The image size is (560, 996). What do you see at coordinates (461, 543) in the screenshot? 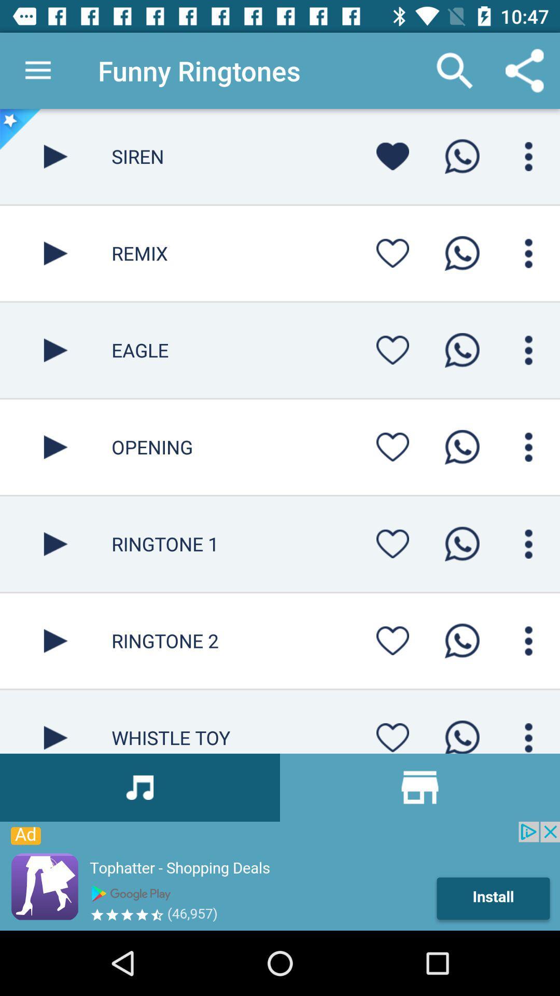
I see `call` at bounding box center [461, 543].